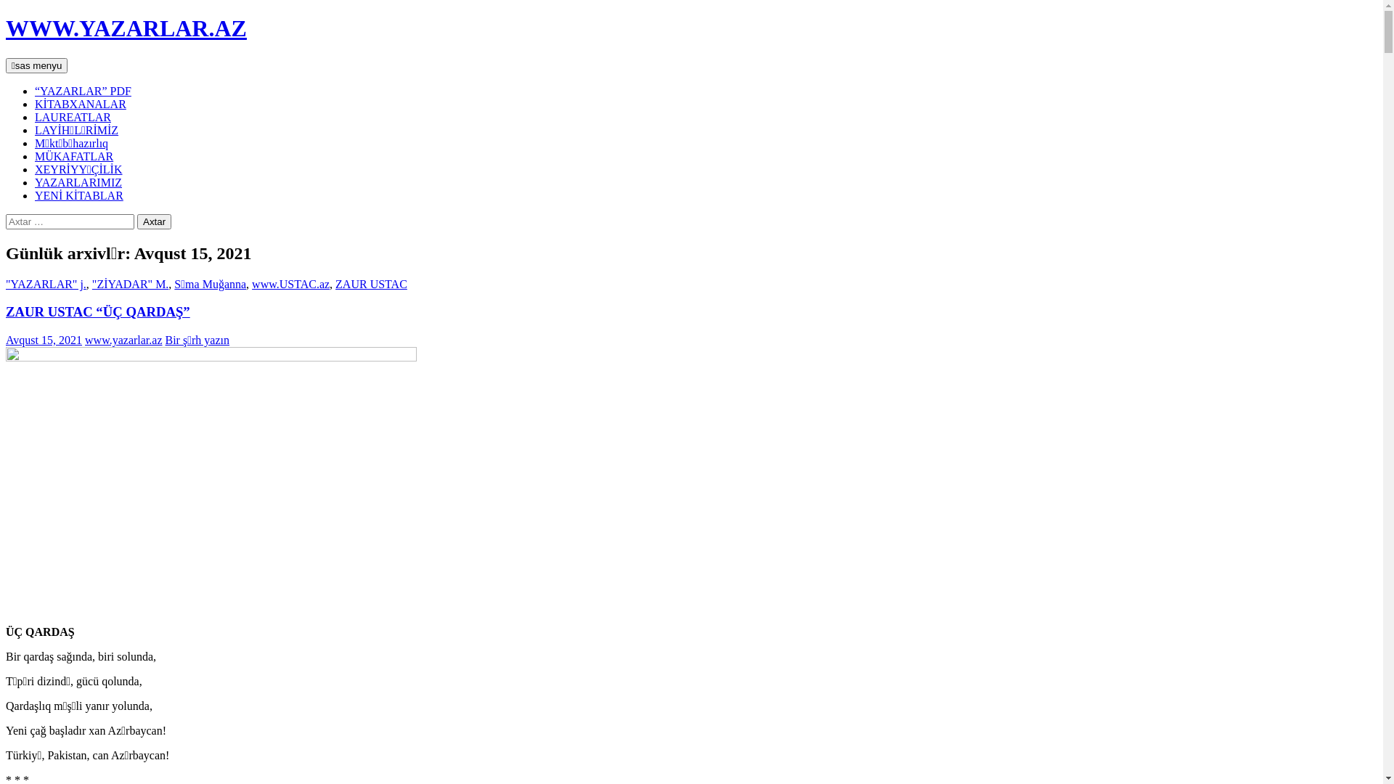 The height and width of the screenshot is (784, 1394). Describe the element at coordinates (371, 284) in the screenshot. I see `'ZAUR USTAC'` at that location.